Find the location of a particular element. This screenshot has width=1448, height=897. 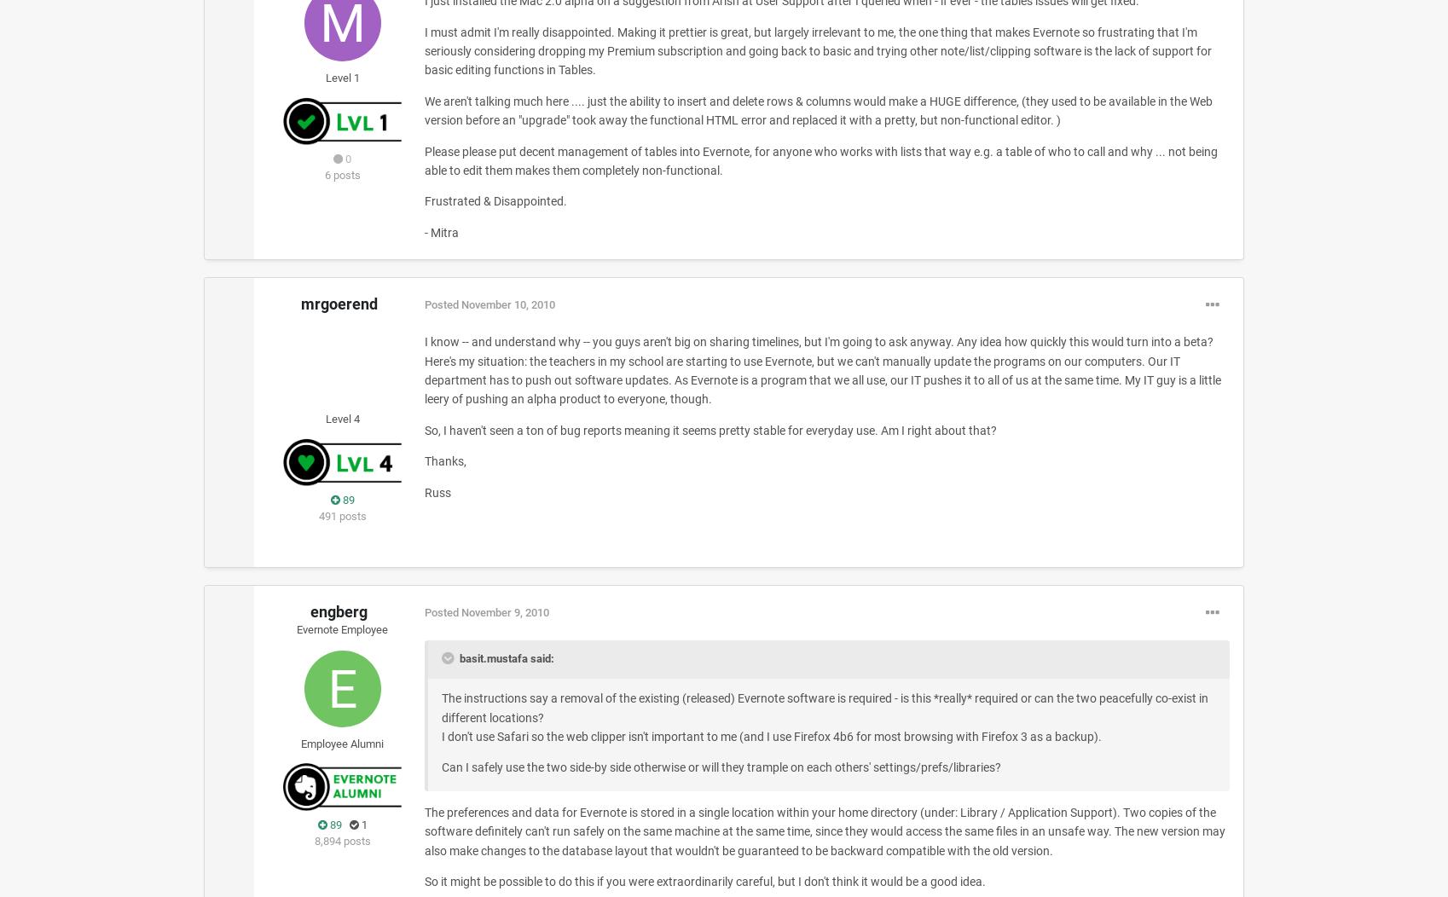

'- Mitra' is located at coordinates (423, 232).